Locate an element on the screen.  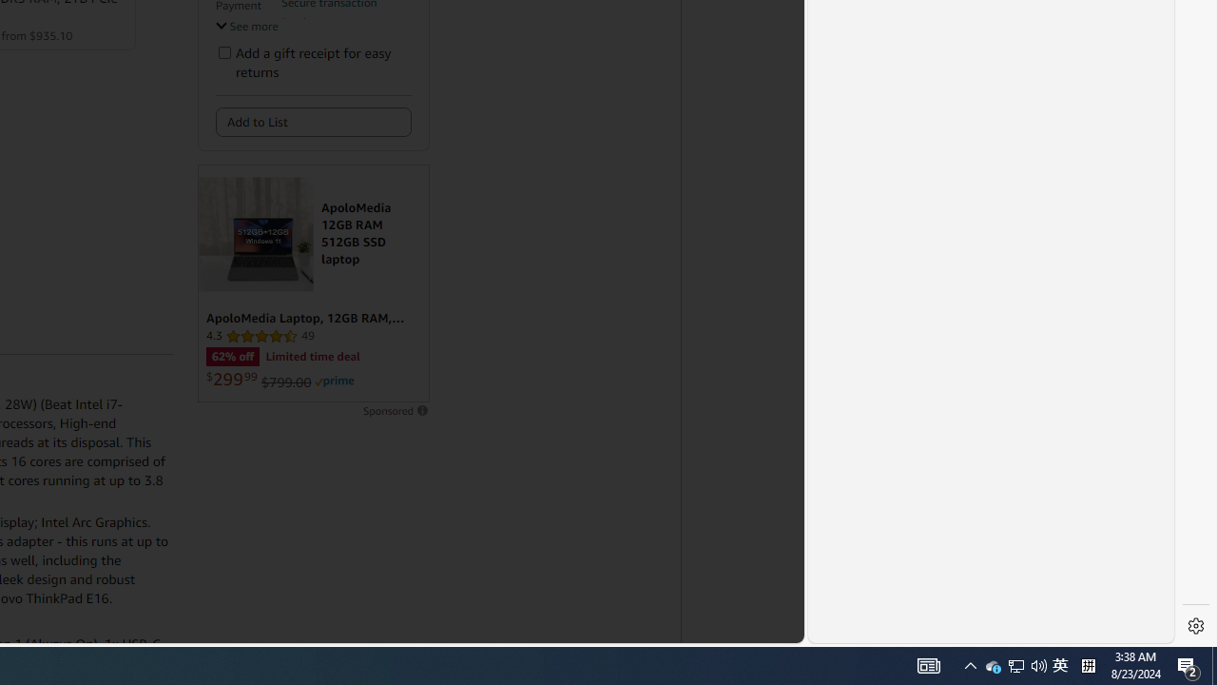
'Add to List' is located at coordinates (314, 122).